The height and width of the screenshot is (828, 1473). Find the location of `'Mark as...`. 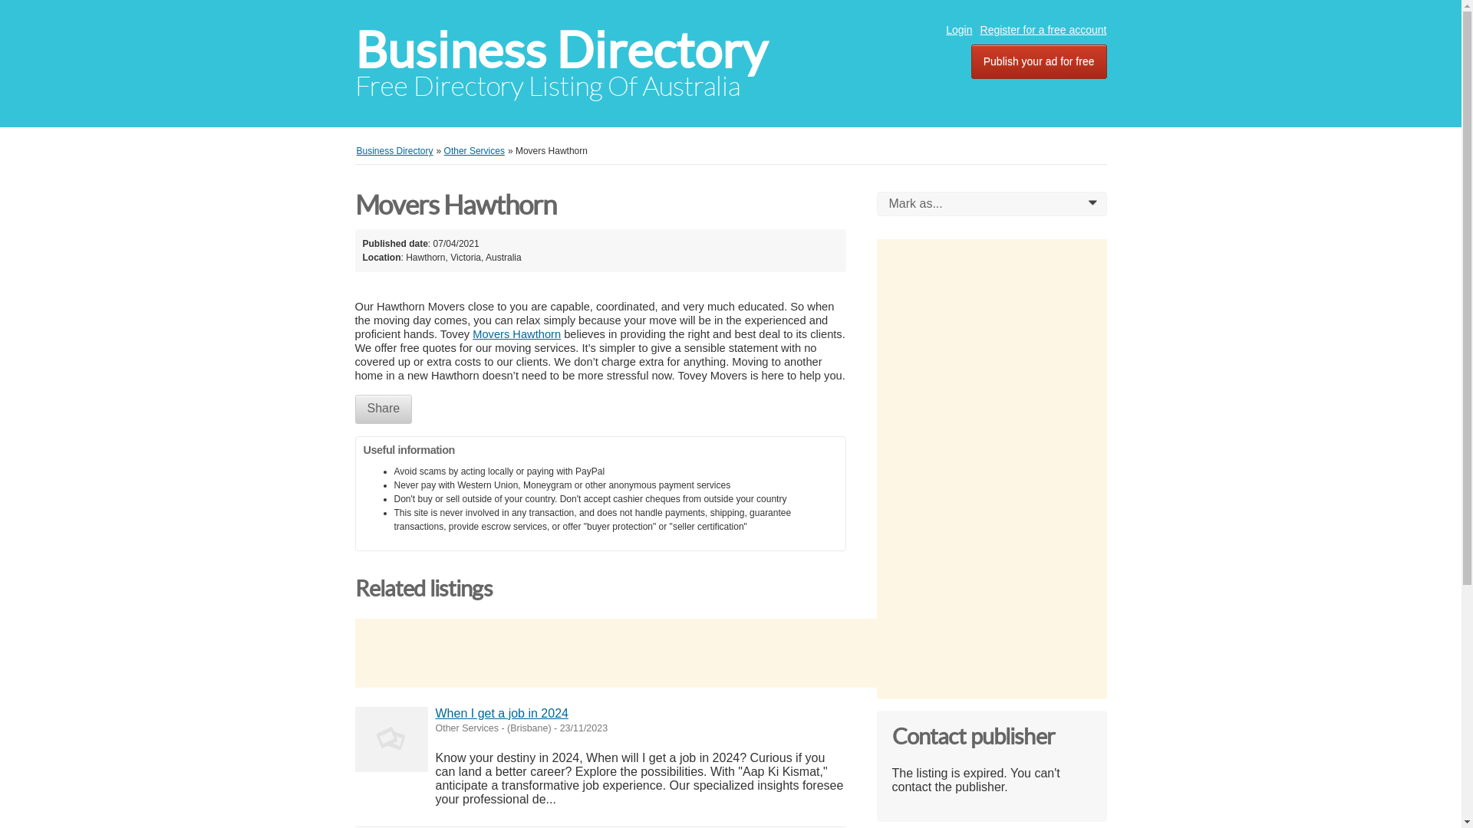

'Mark as... is located at coordinates (990, 203).